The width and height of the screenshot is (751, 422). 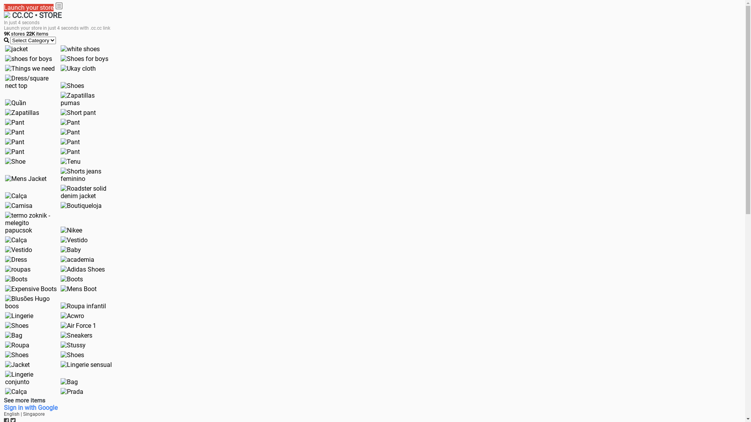 What do you see at coordinates (78, 113) in the screenshot?
I see `'Short pant'` at bounding box center [78, 113].